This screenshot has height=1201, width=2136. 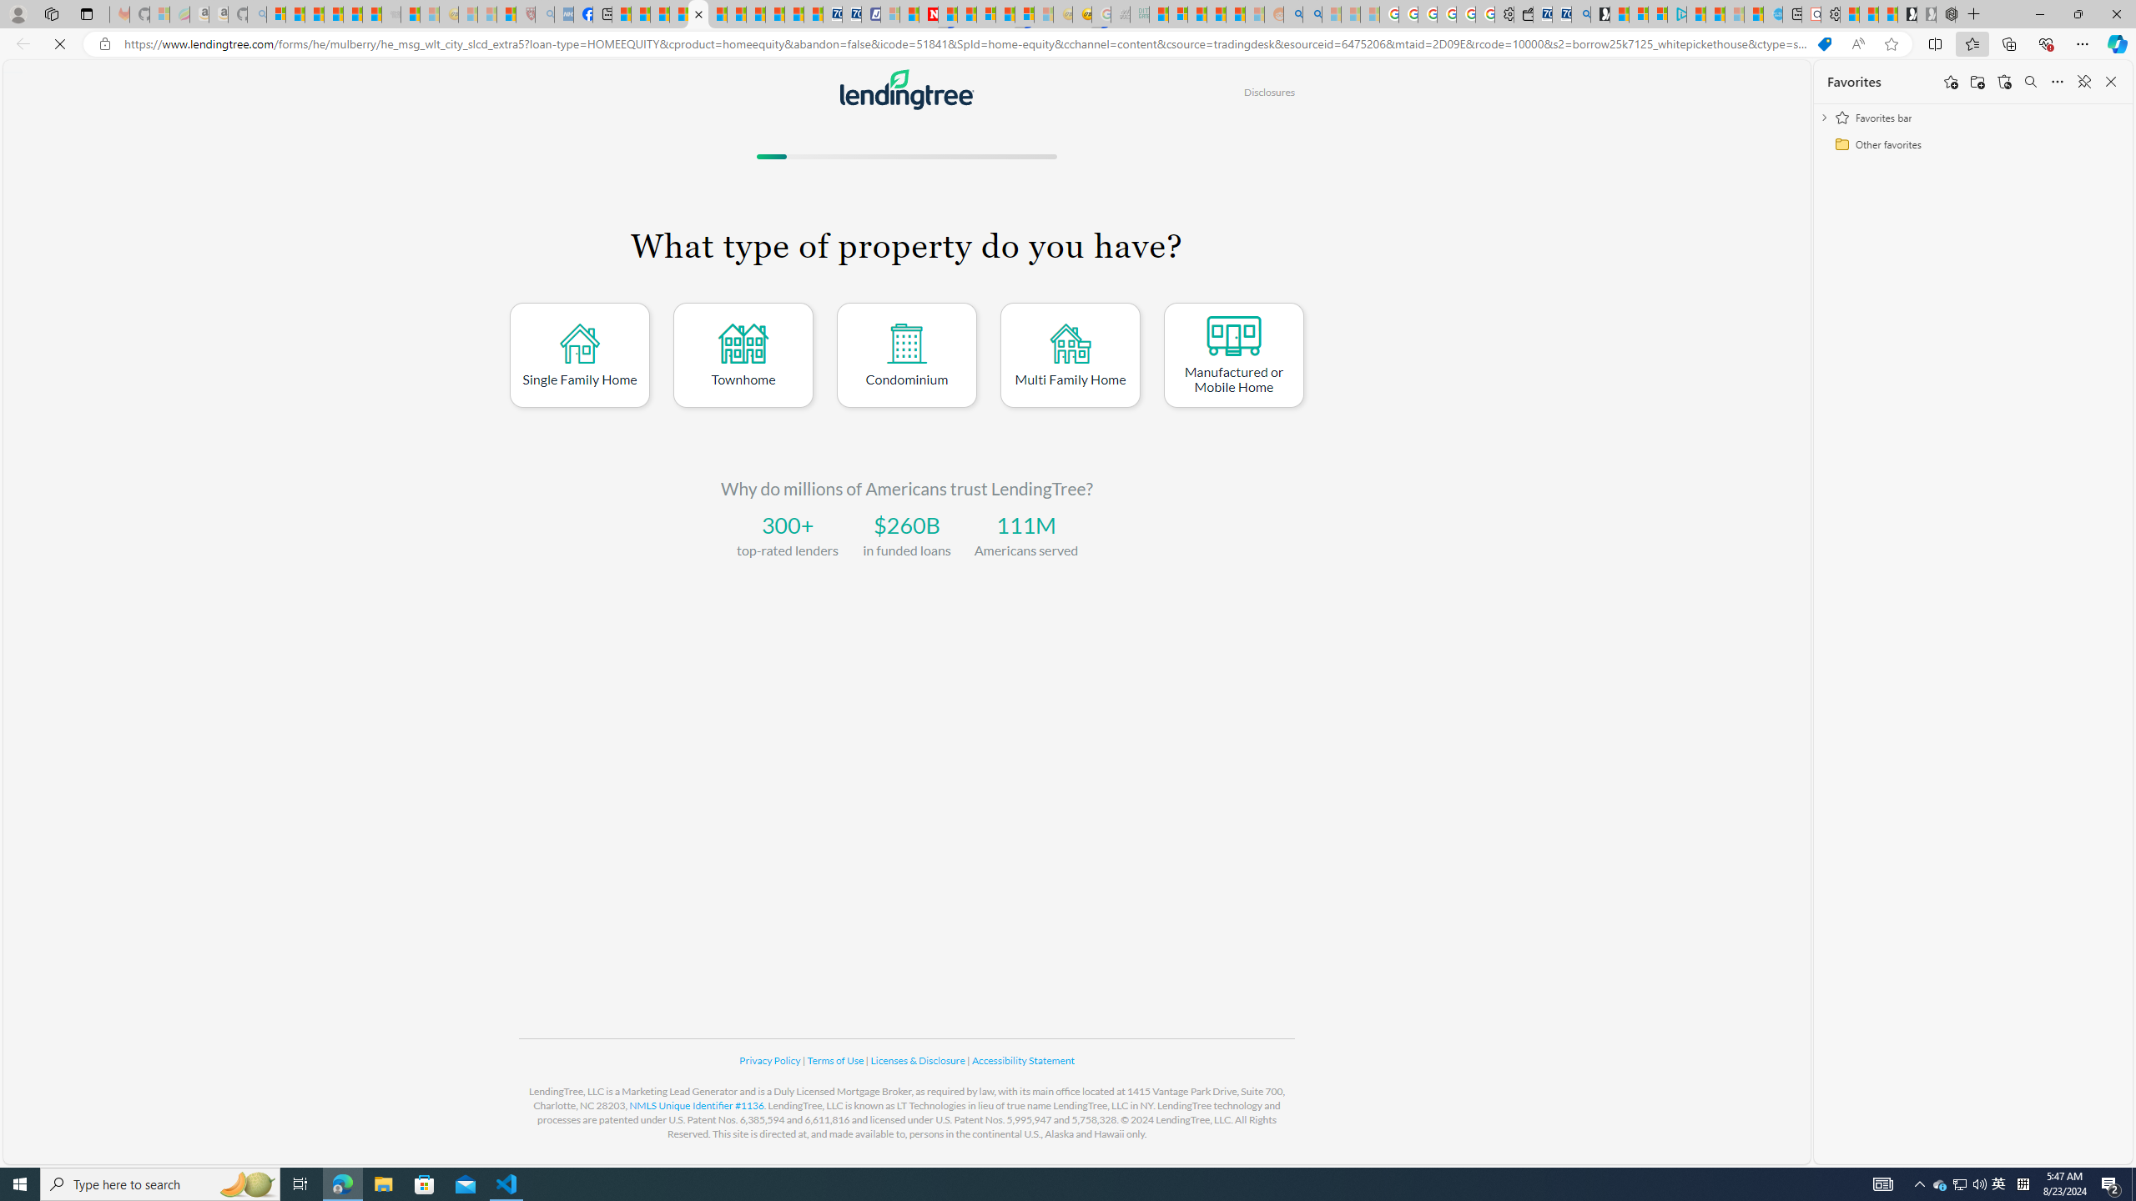 What do you see at coordinates (966, 13) in the screenshot?
I see `'14 Common Myths Debunked By Scientific Facts'` at bounding box center [966, 13].